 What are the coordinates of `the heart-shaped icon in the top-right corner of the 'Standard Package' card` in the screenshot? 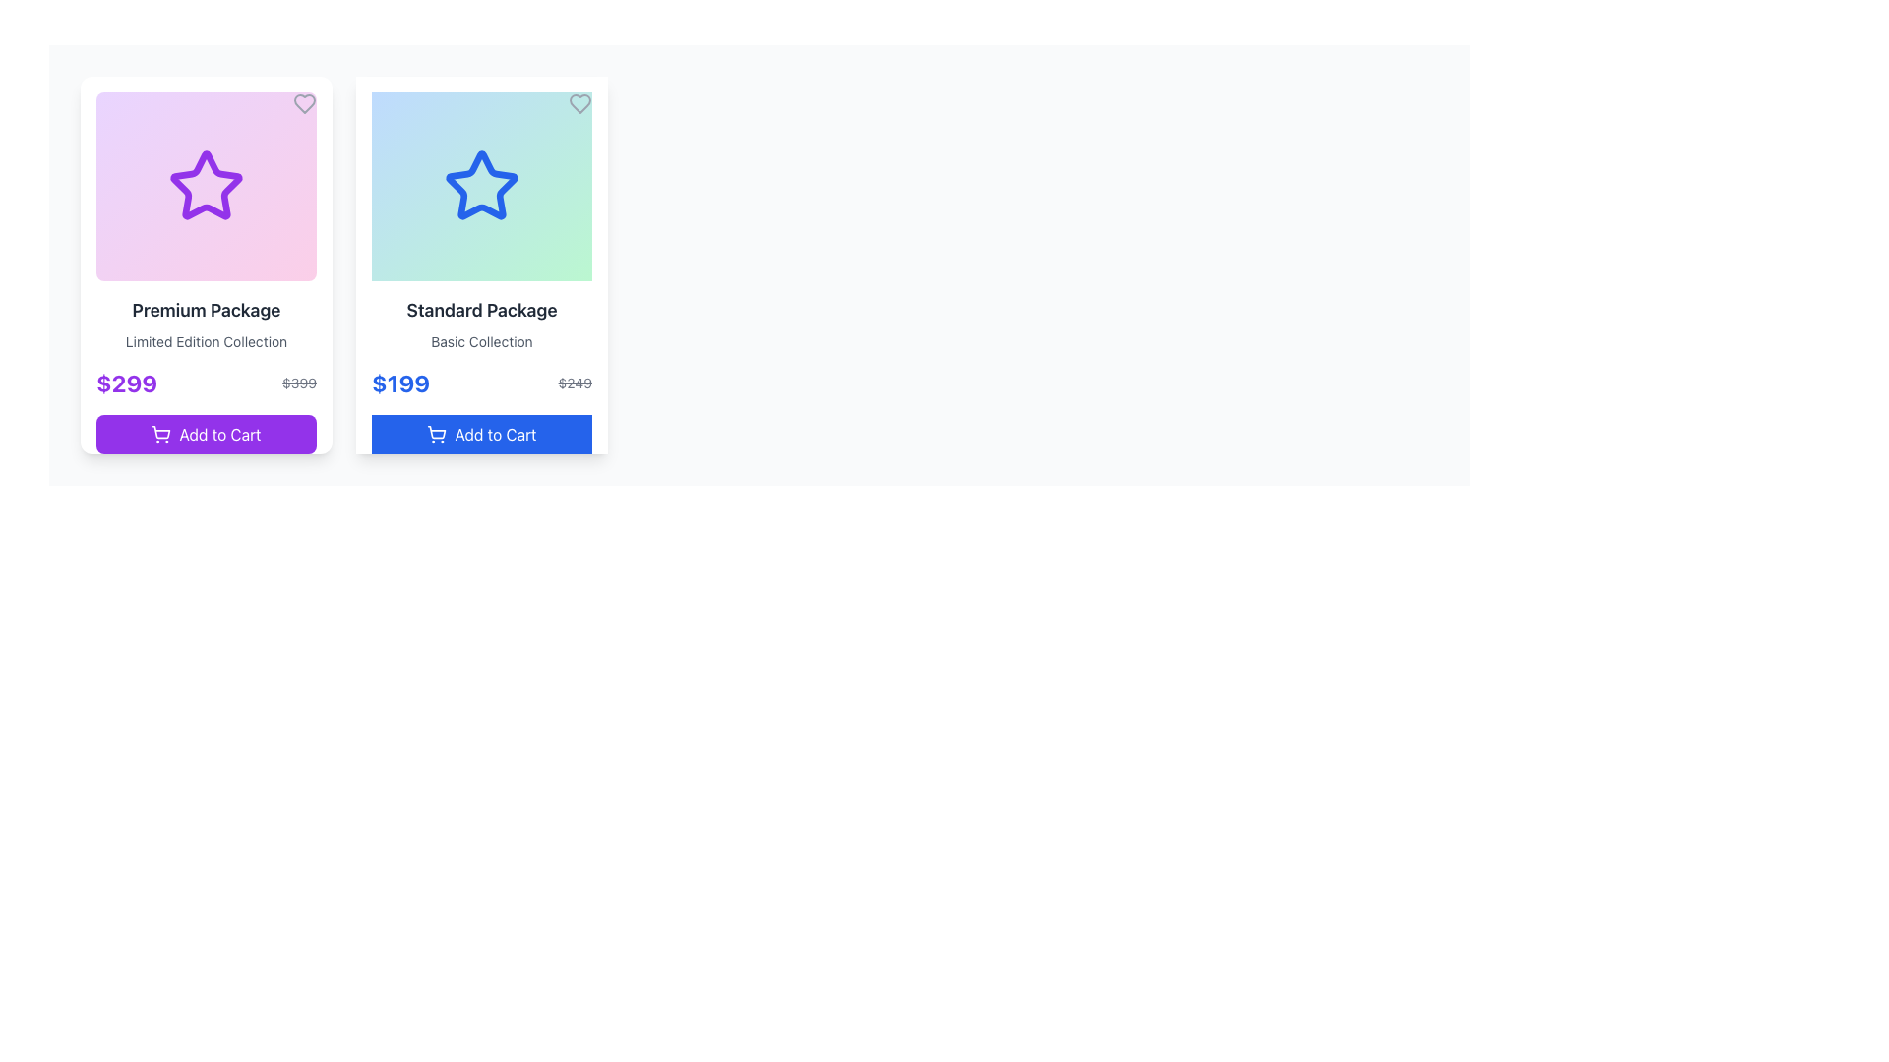 It's located at (579, 103).